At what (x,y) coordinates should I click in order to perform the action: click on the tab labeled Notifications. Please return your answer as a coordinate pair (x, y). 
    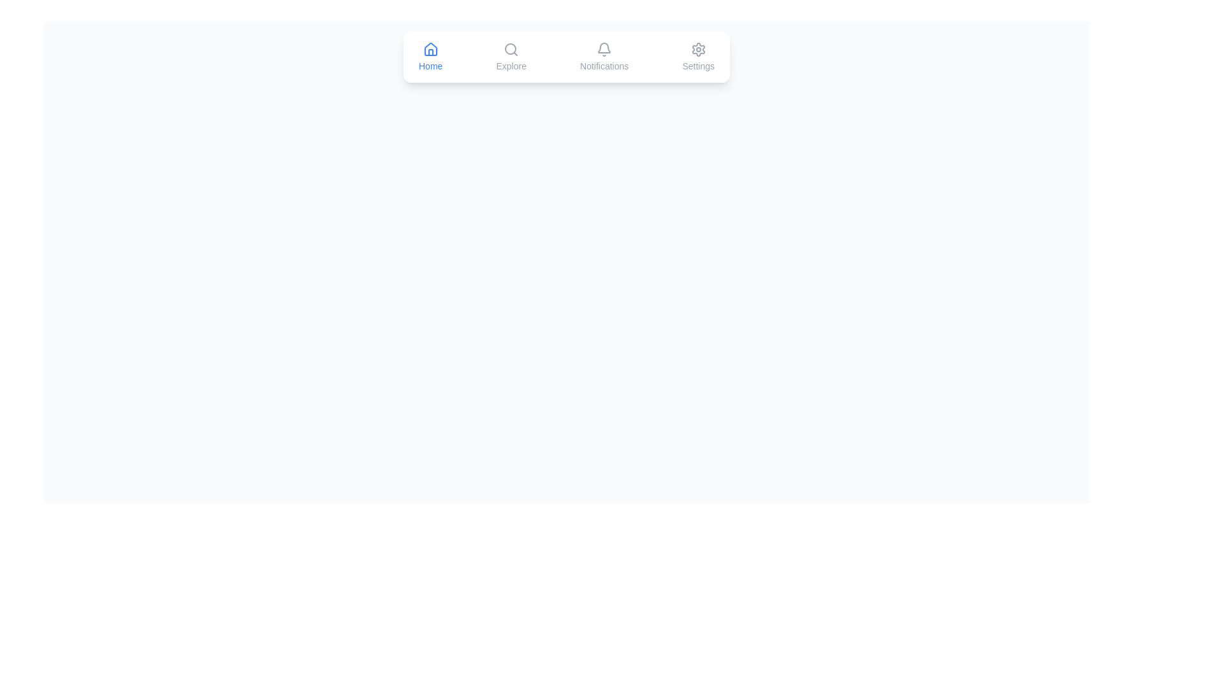
    Looking at the image, I should click on (604, 56).